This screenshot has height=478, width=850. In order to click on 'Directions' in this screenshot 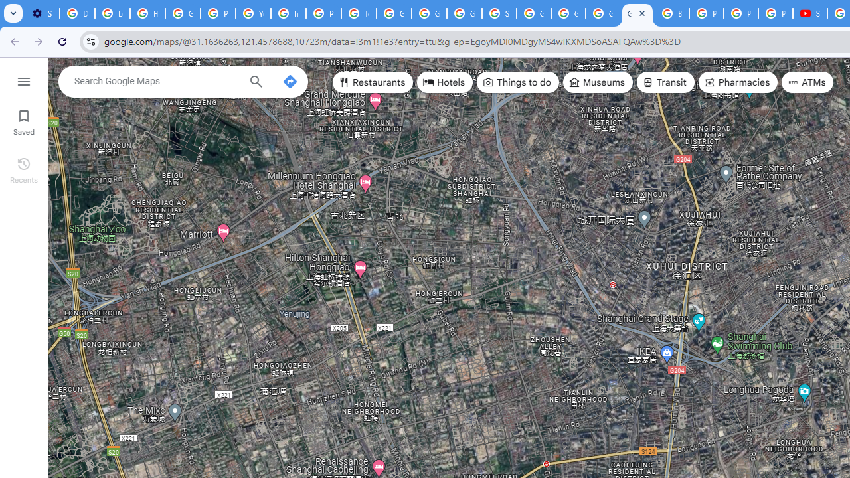, I will do `click(289, 82)`.